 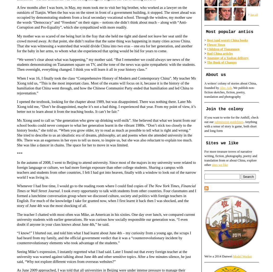 What do you see at coordinates (207, 44) in the screenshot?
I see `'Flower Town'` at bounding box center [207, 44].